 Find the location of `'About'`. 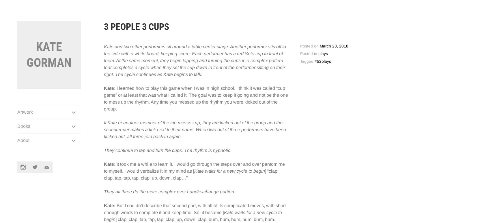

'About' is located at coordinates (23, 140).